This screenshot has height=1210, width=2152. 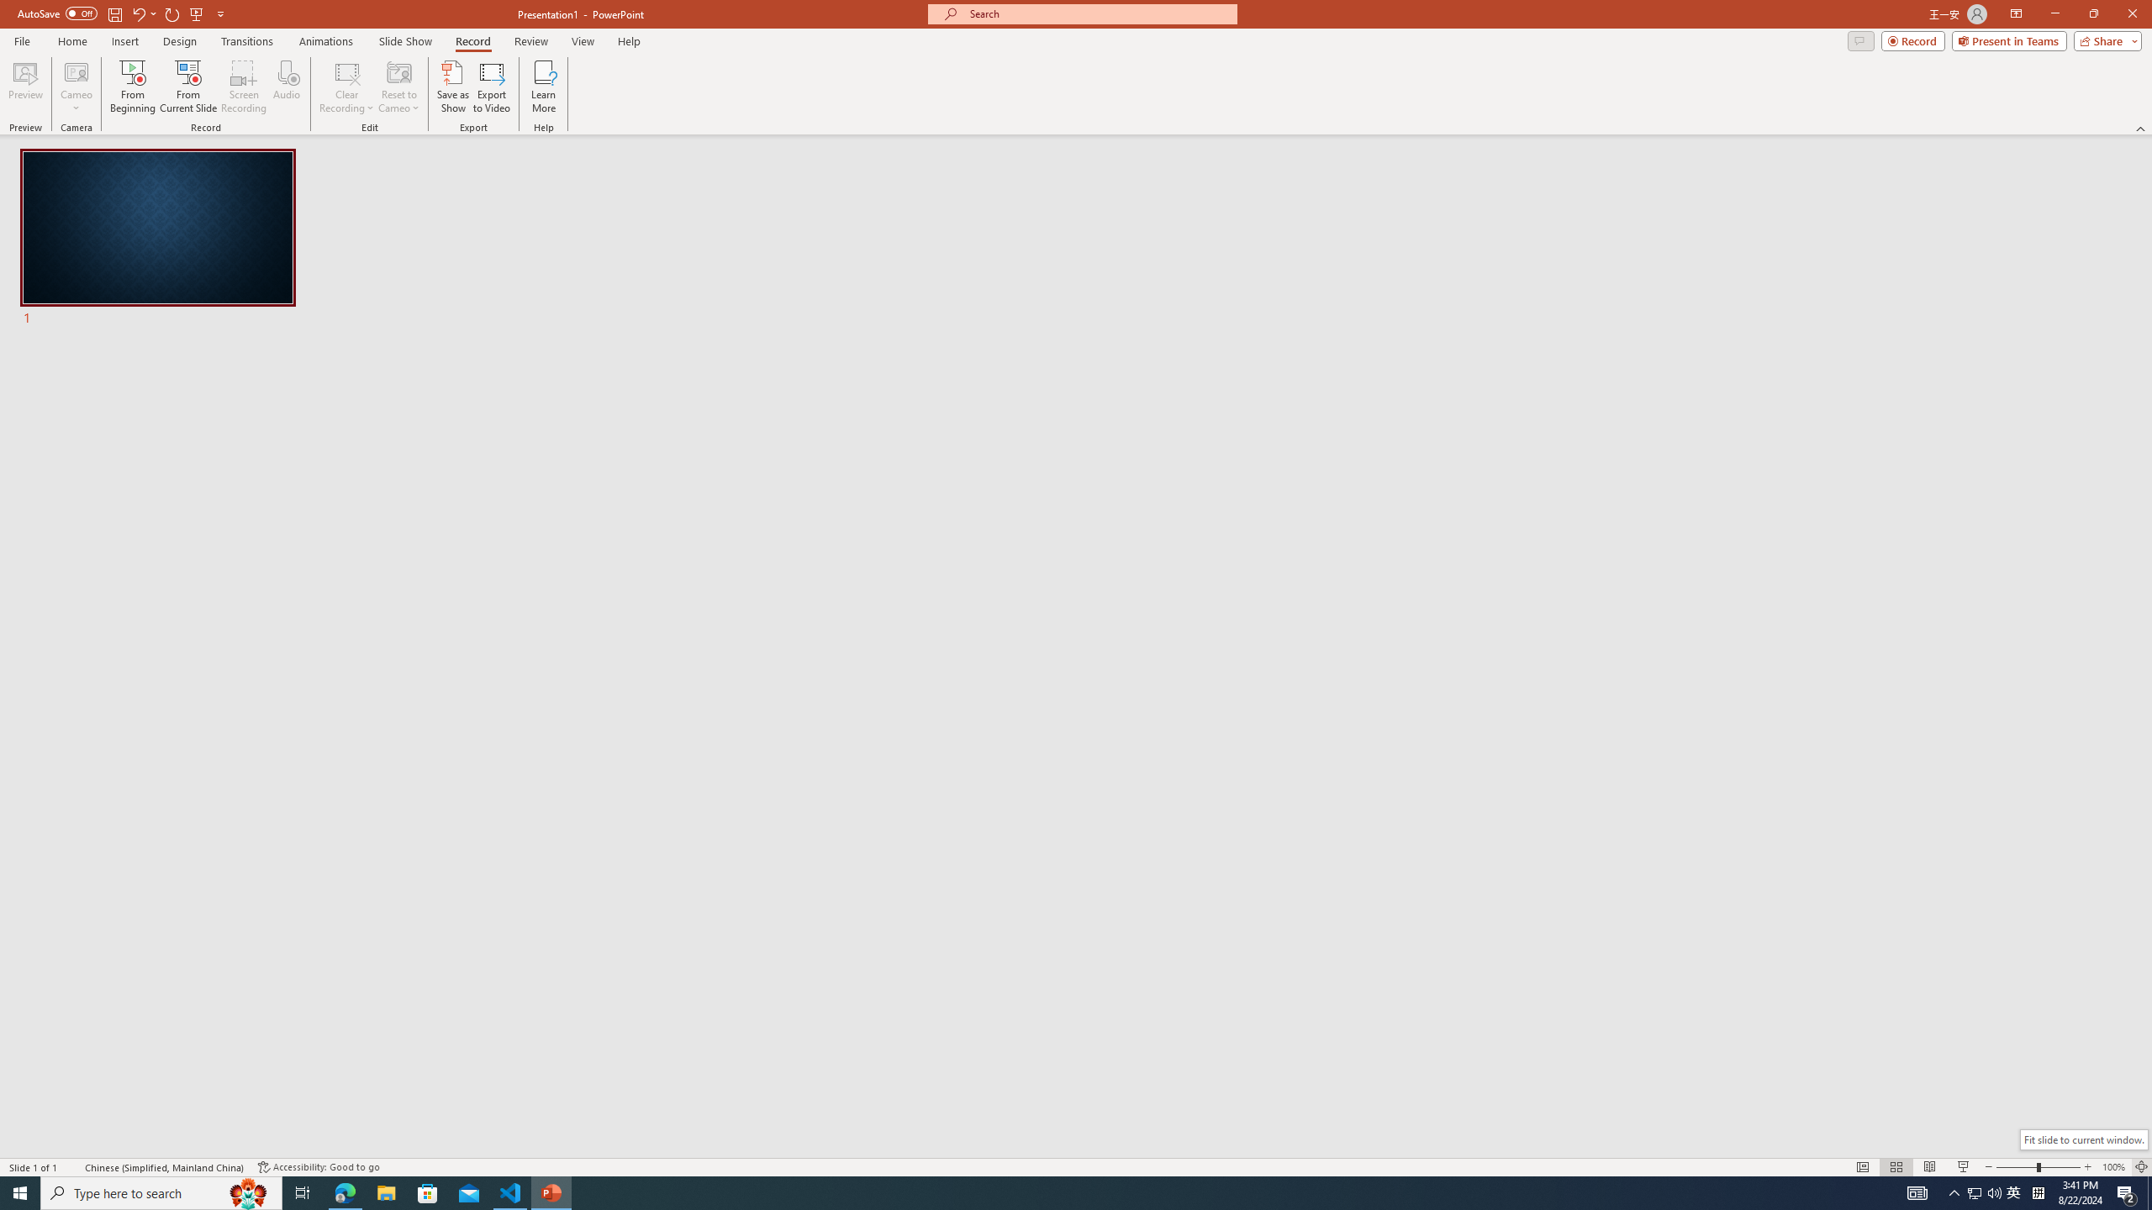 I want to click on 'Save as Show', so click(x=452, y=87).